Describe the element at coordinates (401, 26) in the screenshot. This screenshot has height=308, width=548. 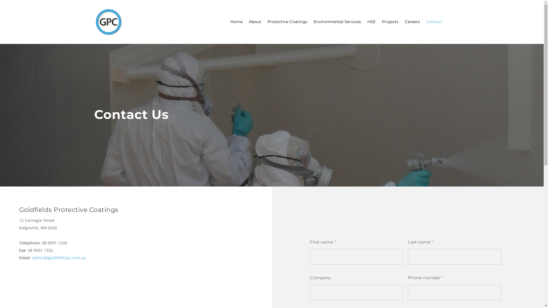
I see `'Careers'` at that location.